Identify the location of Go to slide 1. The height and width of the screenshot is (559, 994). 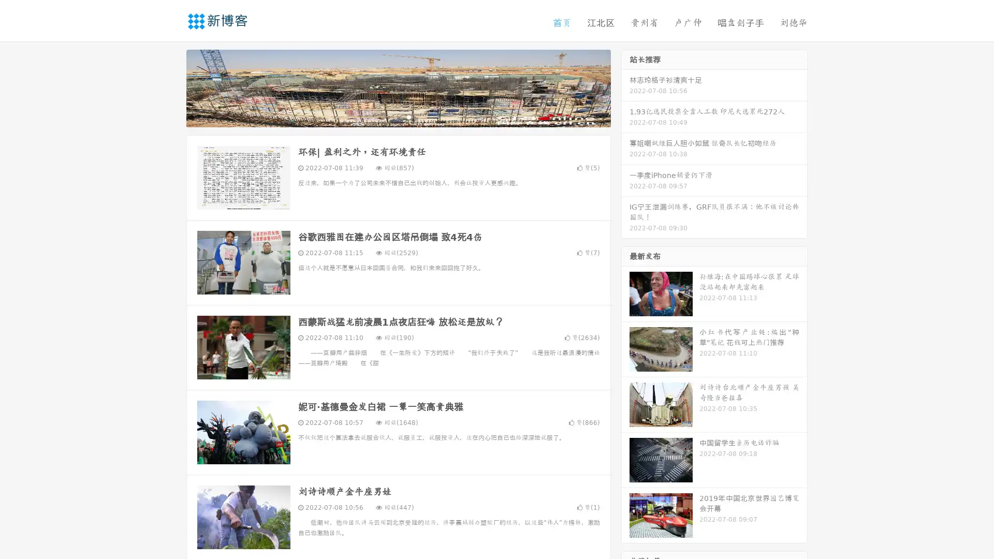
(387, 116).